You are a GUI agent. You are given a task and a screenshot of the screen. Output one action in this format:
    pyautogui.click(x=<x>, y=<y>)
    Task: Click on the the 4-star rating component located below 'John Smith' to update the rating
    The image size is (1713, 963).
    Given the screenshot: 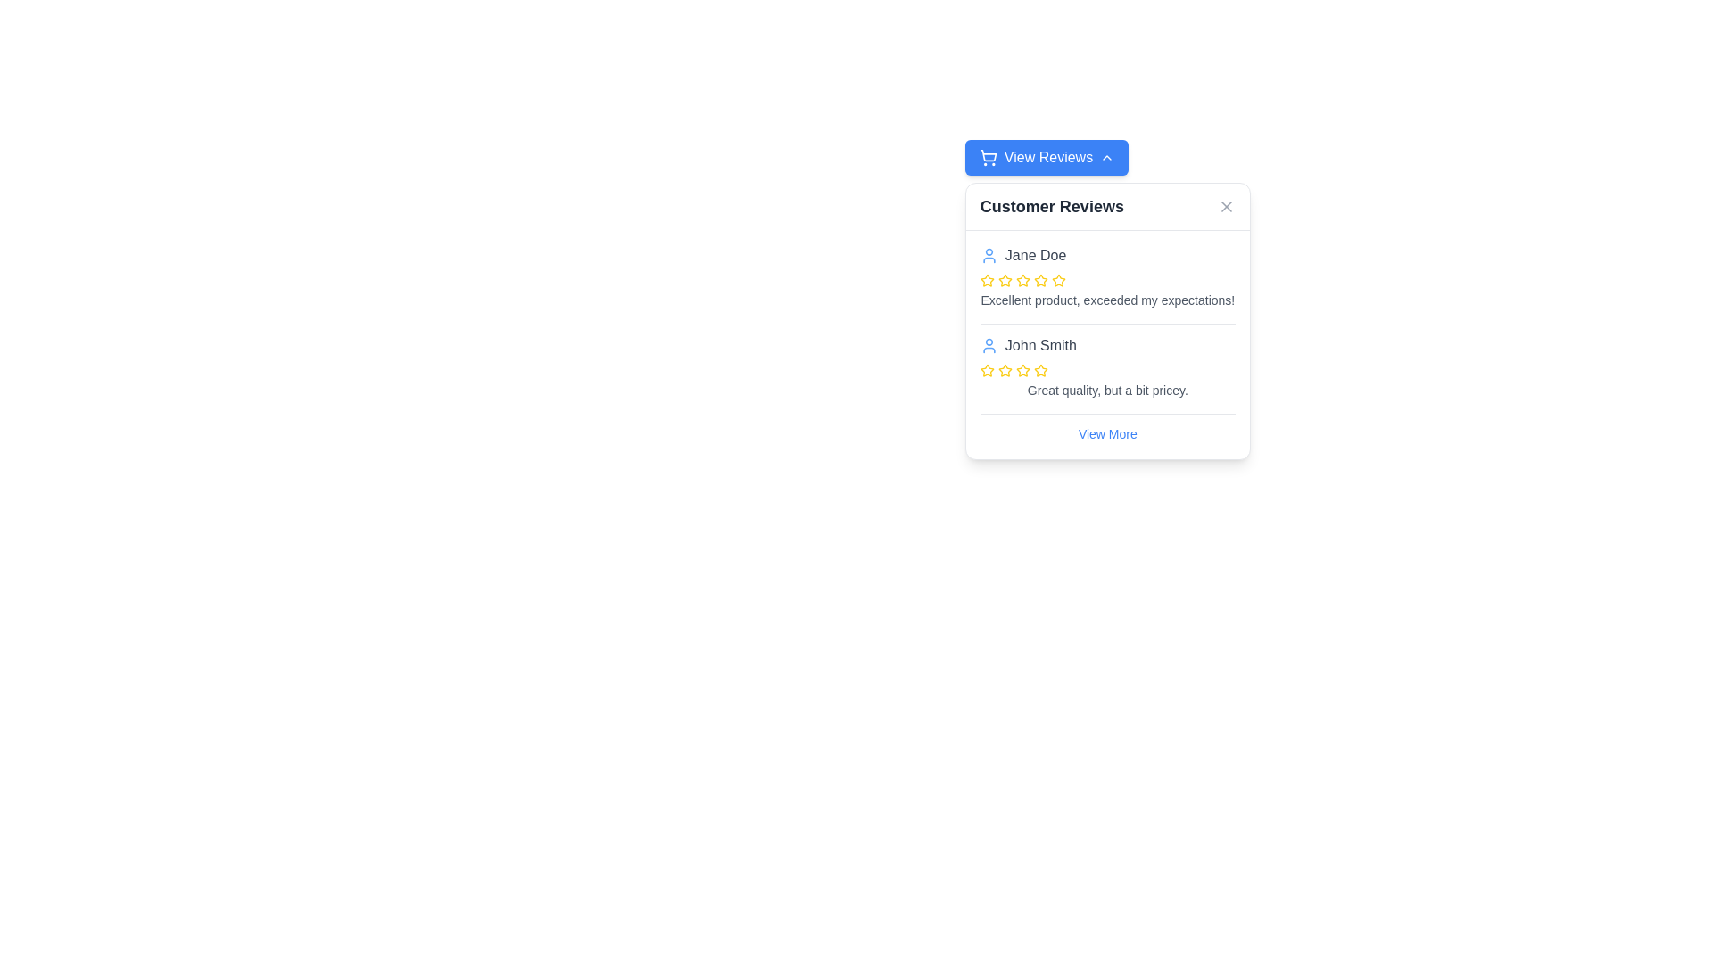 What is the action you would take?
    pyautogui.click(x=1106, y=370)
    